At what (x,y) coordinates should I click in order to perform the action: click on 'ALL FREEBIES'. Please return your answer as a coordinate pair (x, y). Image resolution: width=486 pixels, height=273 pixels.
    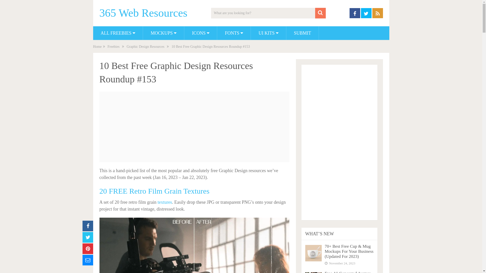
    Looking at the image, I should click on (118, 33).